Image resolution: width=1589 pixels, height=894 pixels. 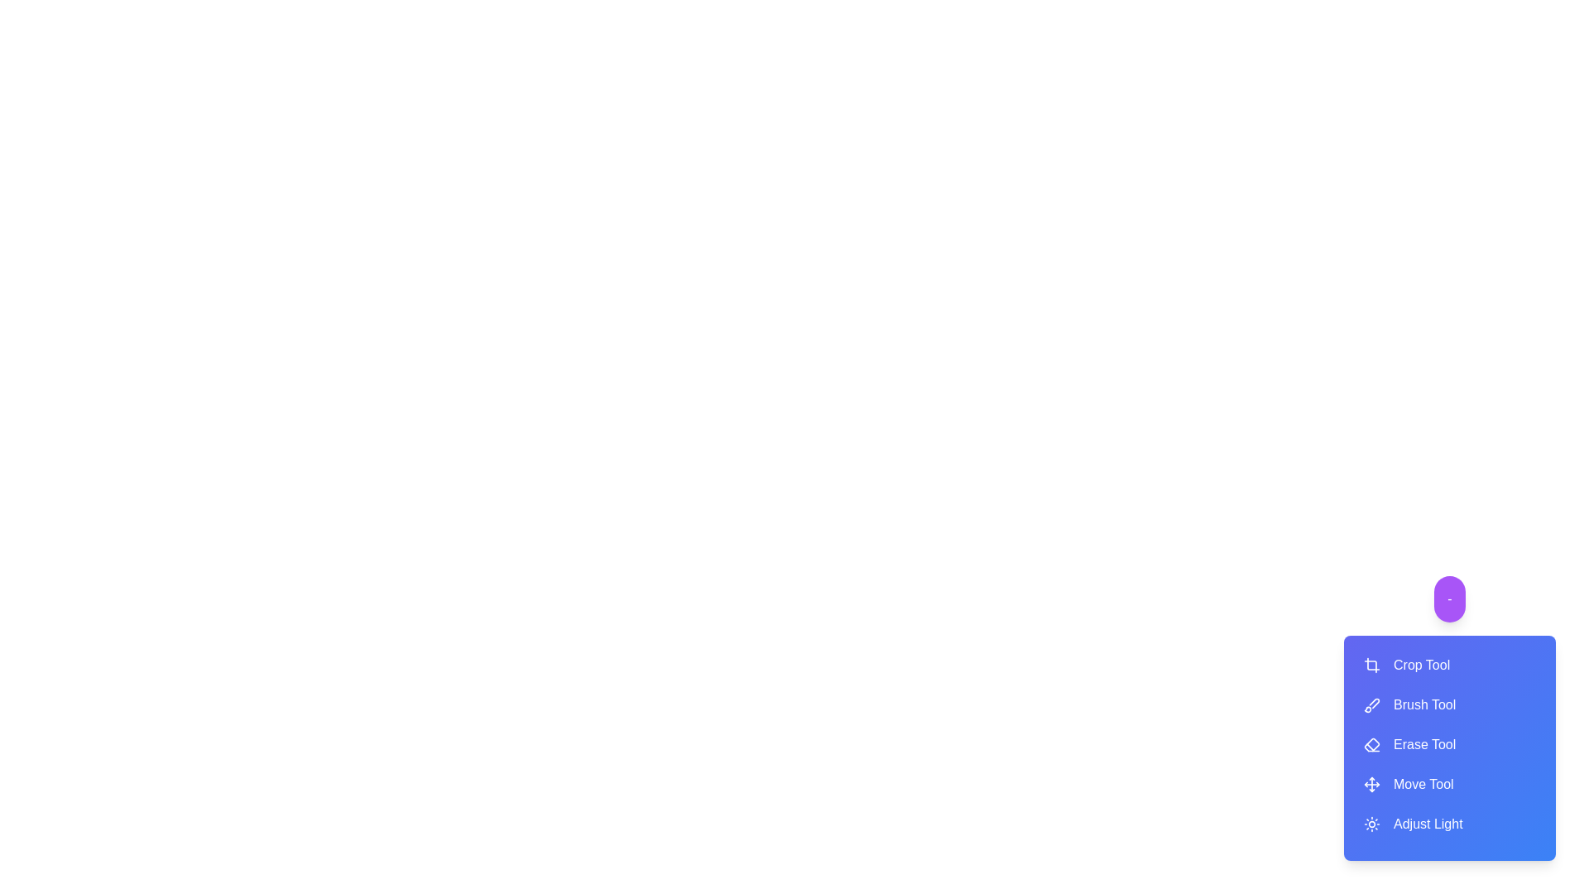 What do you see at coordinates (1449, 784) in the screenshot?
I see `the 'Move Tool' button, which is a horizontal button with a blue background and white text, located in the vertical navigation menu between the 'Erase Tool' and 'Adjust Light' buttons` at bounding box center [1449, 784].